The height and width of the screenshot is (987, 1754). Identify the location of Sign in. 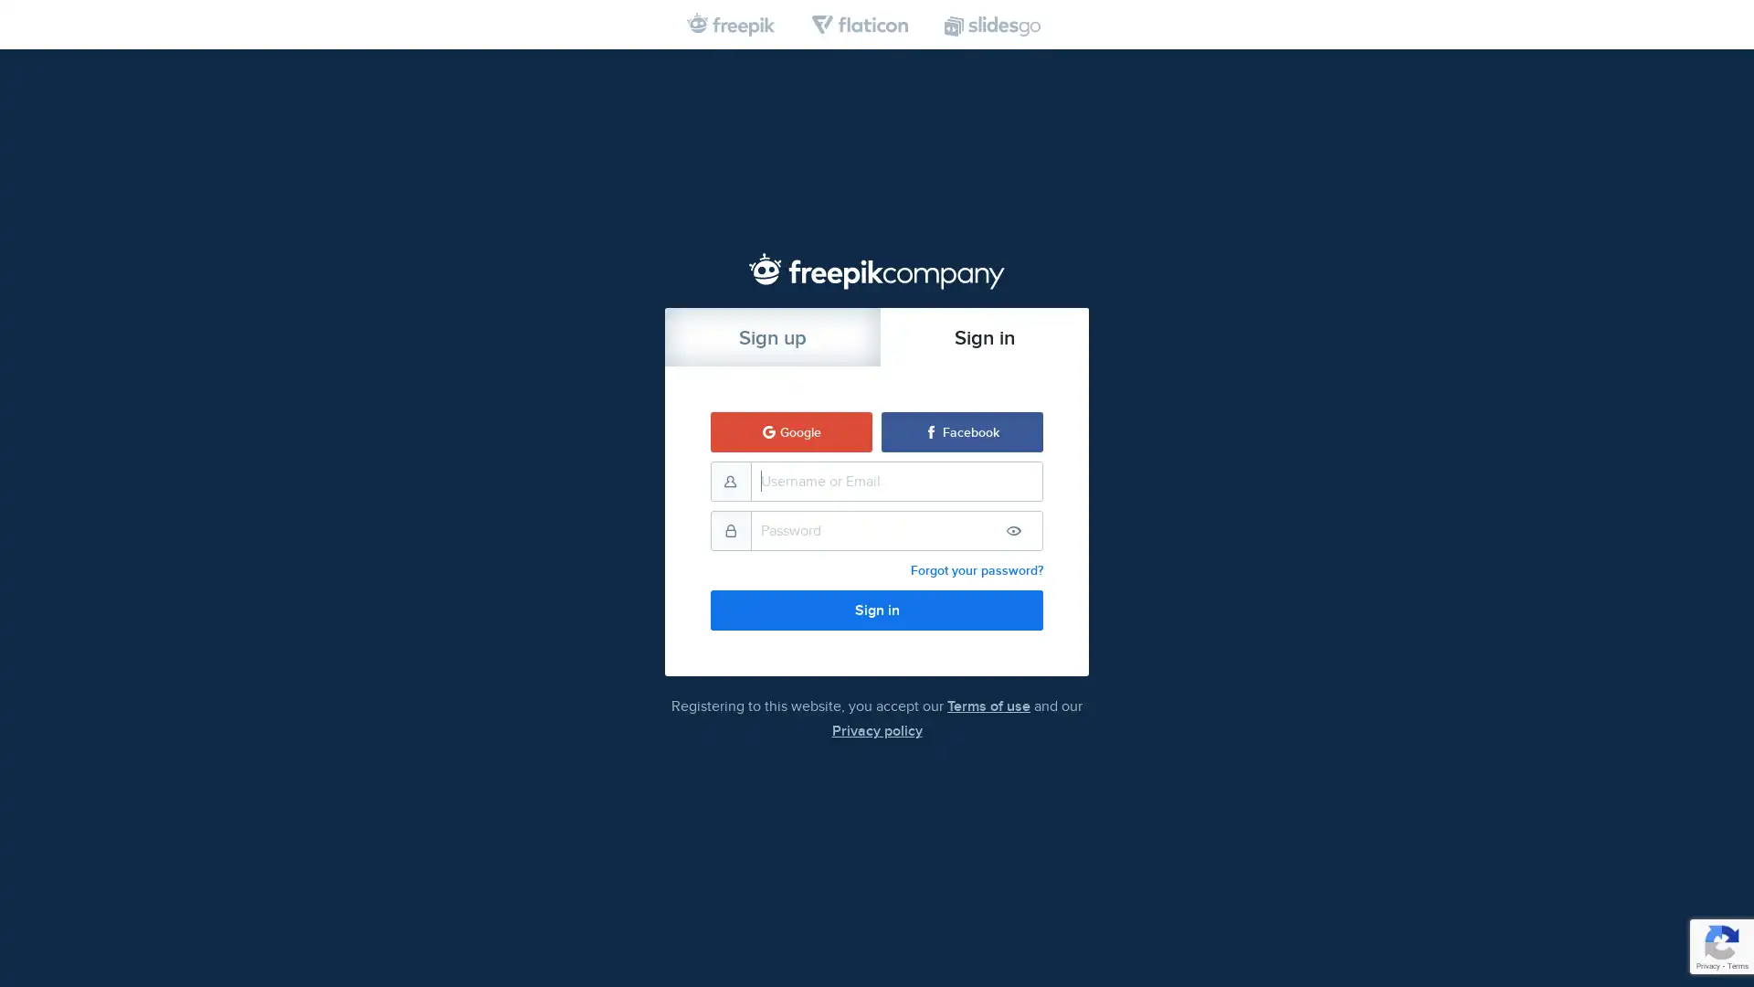
(984, 335).